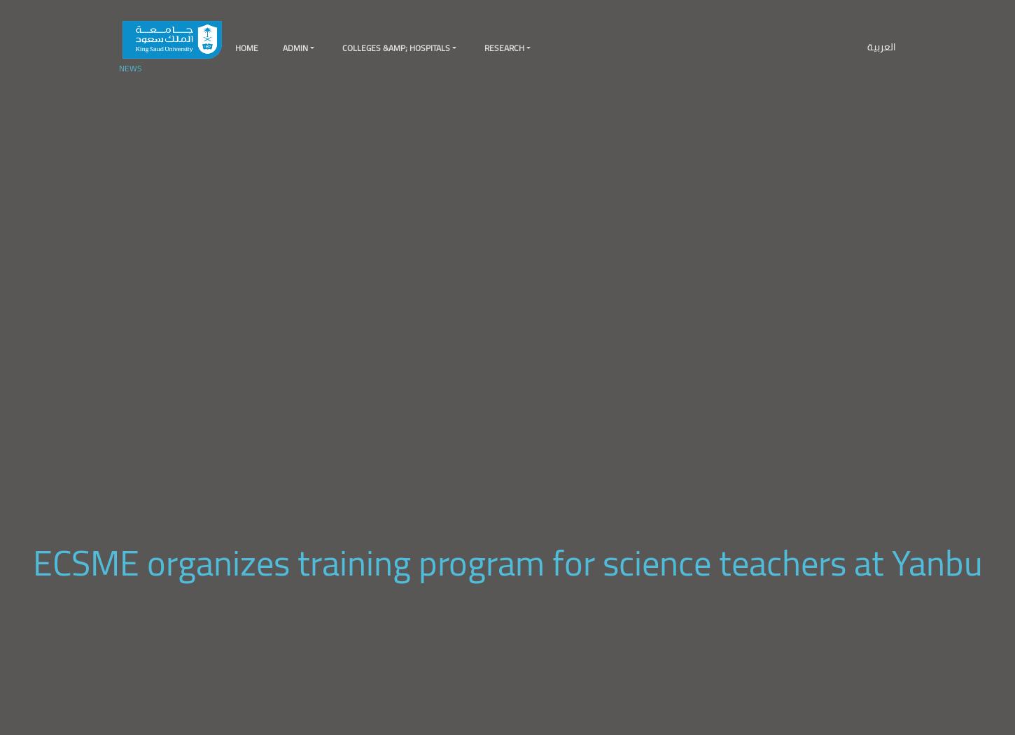 The width and height of the screenshot is (1015, 735). I want to click on 'Graduate Studies', so click(339, 271).